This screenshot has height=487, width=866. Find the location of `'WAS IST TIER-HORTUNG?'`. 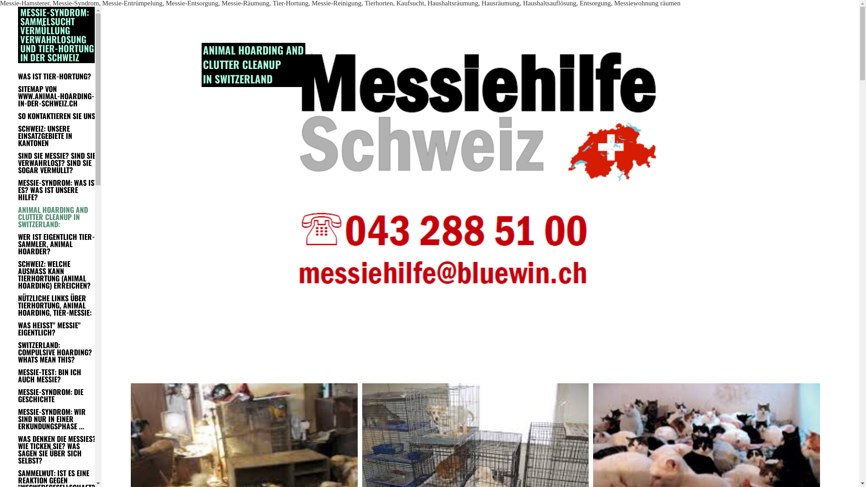

'WAS IST TIER-HORTUNG?' is located at coordinates (18, 76).